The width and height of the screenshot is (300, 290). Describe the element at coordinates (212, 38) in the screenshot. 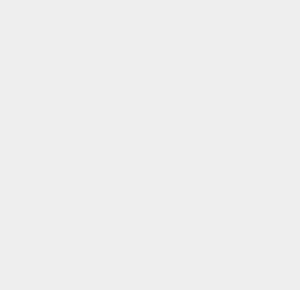

I see `'Baidu'` at that location.